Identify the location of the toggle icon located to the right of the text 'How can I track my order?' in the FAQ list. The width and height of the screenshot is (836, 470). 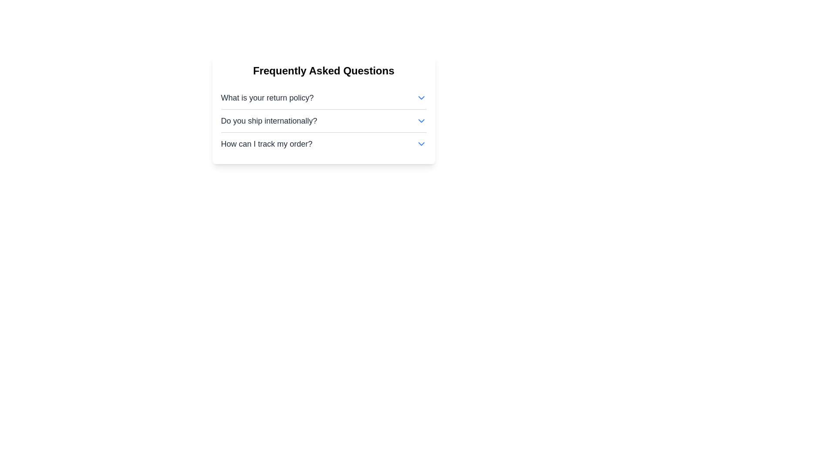
(421, 144).